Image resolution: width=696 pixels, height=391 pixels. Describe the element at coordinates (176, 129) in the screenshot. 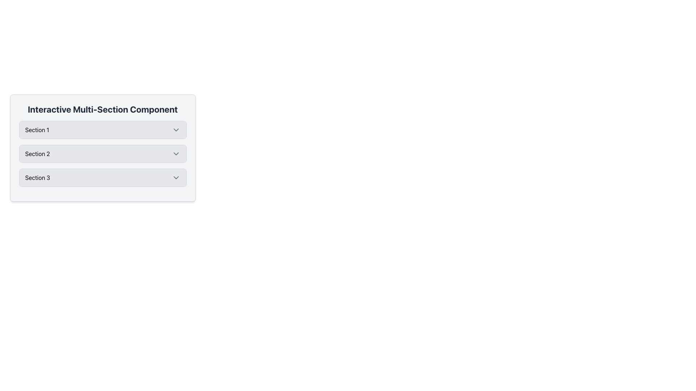

I see `the downward-facing chevron icon styled in gray, located on the right side of the text 'Section 1' within the section bar` at that location.